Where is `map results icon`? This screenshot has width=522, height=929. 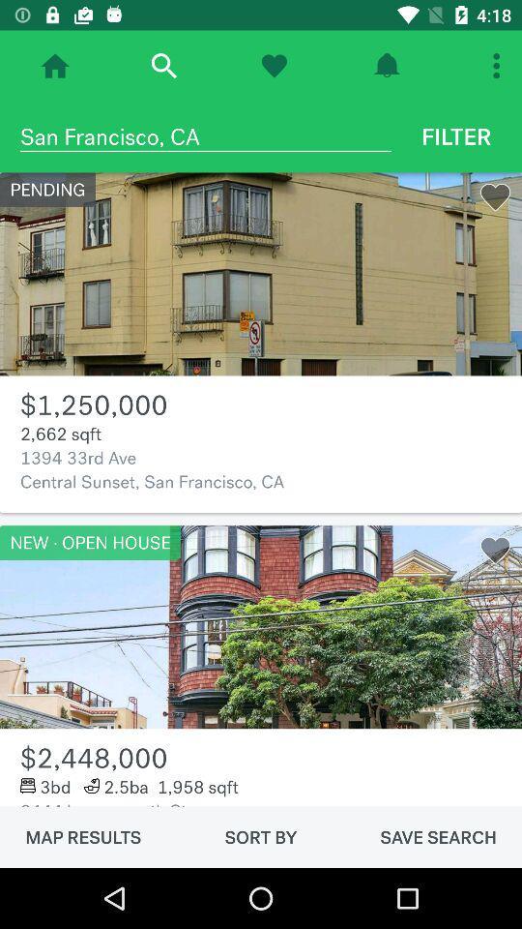 map results icon is located at coordinates (82, 836).